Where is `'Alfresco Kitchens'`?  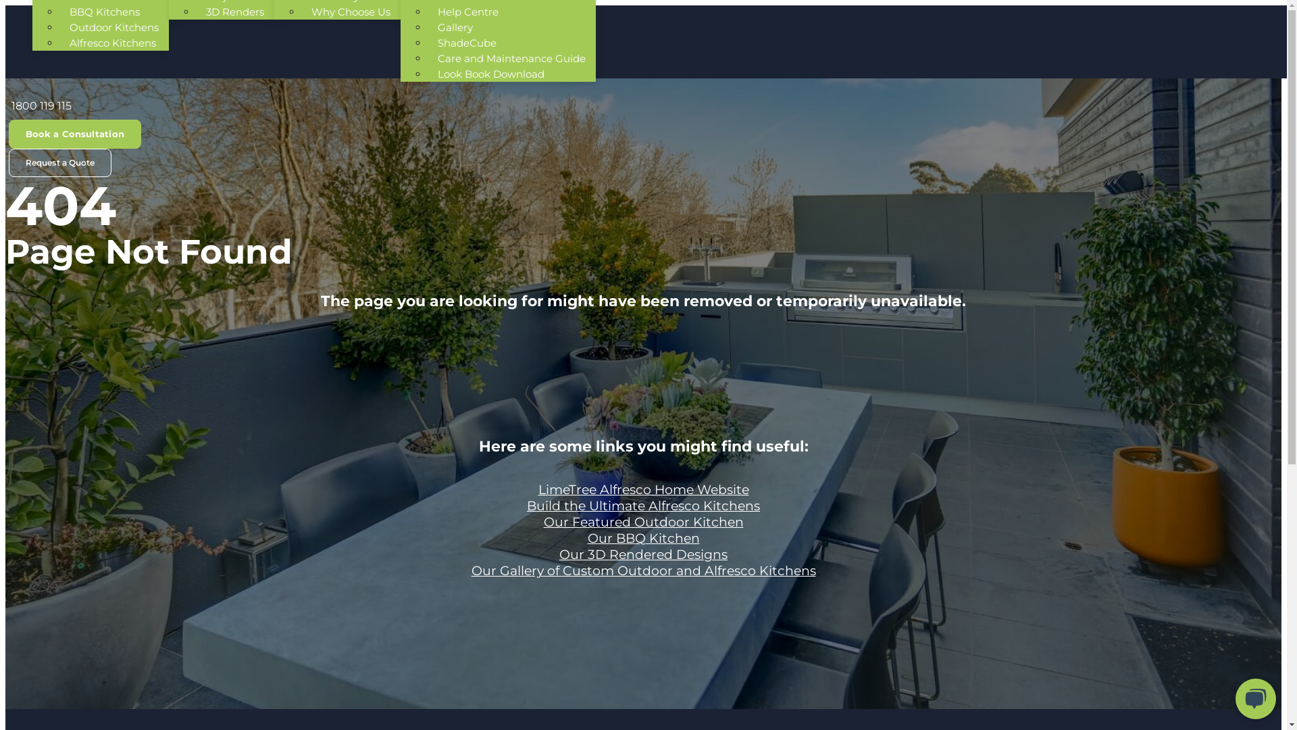 'Alfresco Kitchens' is located at coordinates (58, 42).